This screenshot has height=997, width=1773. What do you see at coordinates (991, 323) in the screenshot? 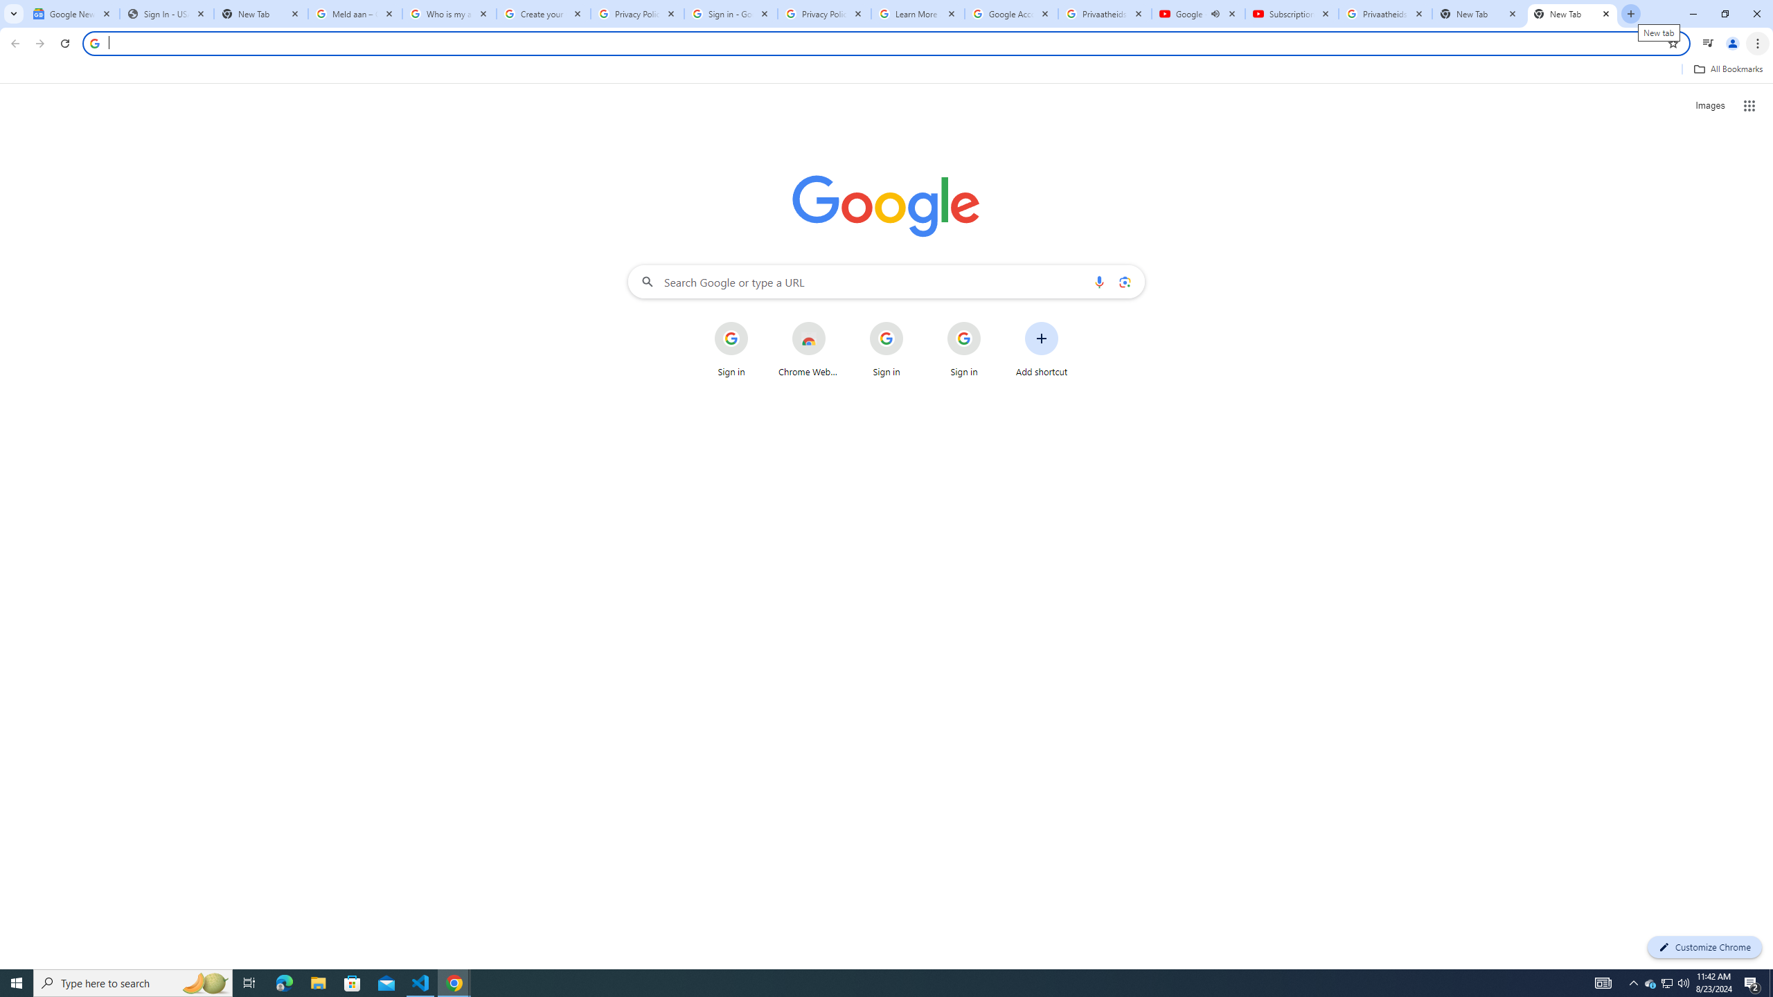
I see `'More actions for Sign in shortcut'` at bounding box center [991, 323].